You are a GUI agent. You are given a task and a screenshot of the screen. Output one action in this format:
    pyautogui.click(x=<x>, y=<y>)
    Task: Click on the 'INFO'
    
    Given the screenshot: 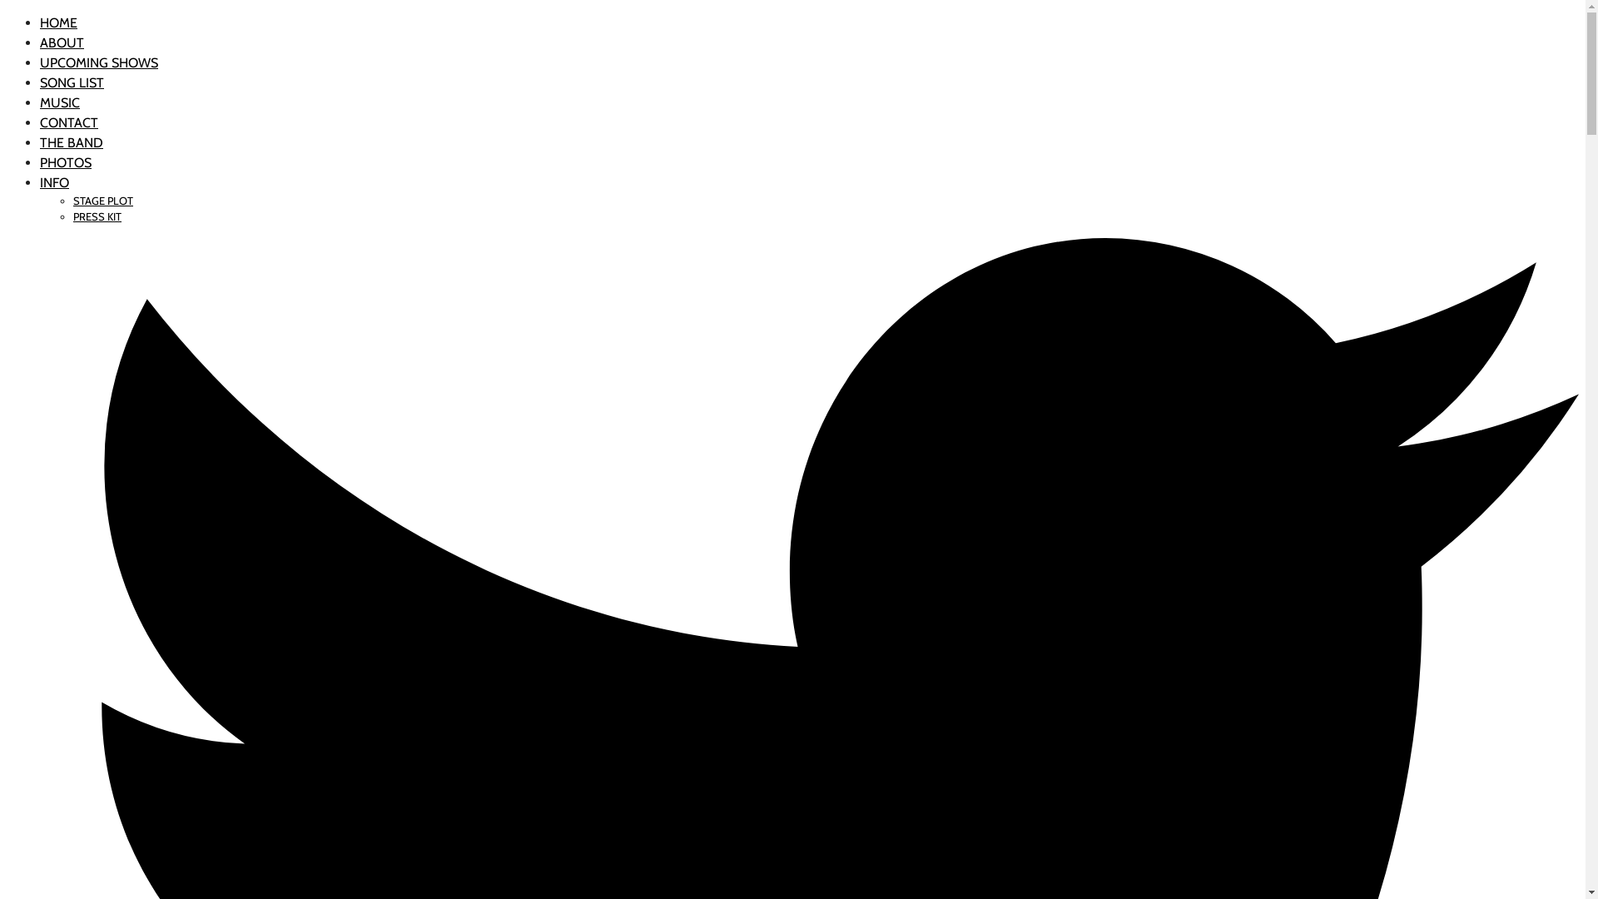 What is the action you would take?
    pyautogui.click(x=40, y=182)
    